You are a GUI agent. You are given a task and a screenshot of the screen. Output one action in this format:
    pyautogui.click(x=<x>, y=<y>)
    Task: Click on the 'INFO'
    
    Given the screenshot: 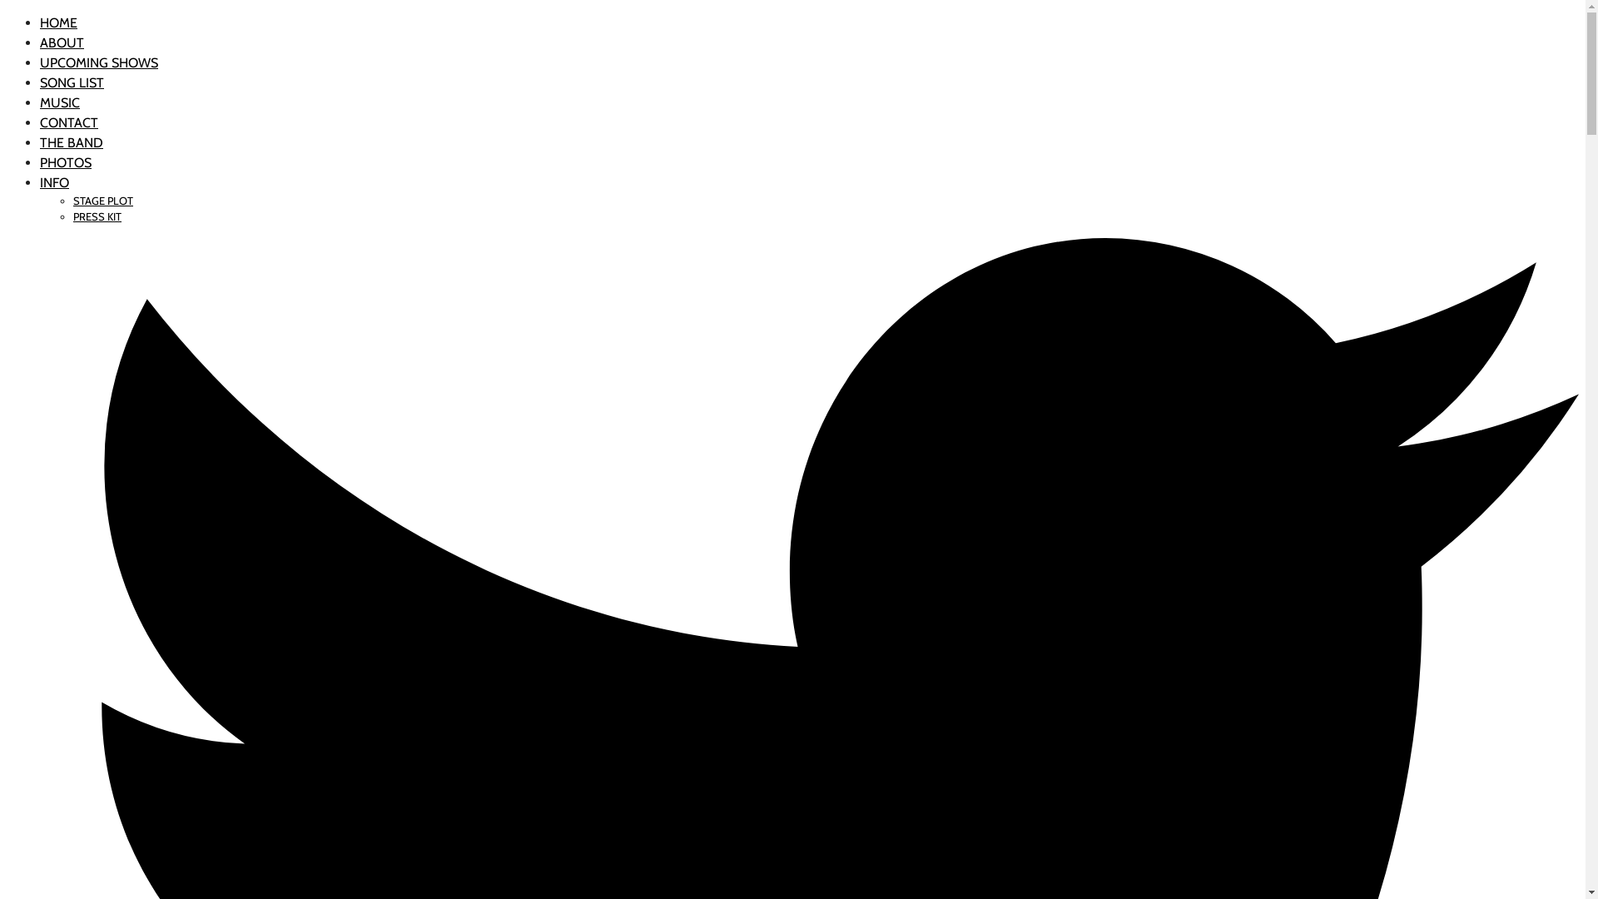 What is the action you would take?
    pyautogui.click(x=40, y=182)
    